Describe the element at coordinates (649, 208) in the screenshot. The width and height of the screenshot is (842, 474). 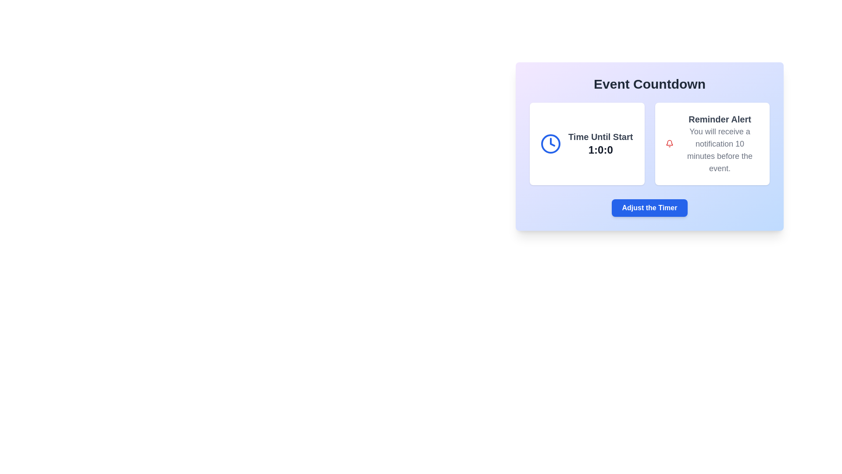
I see `the 'Adjust the Timer' button located at the bottom of the 'Event Countdown' card` at that location.